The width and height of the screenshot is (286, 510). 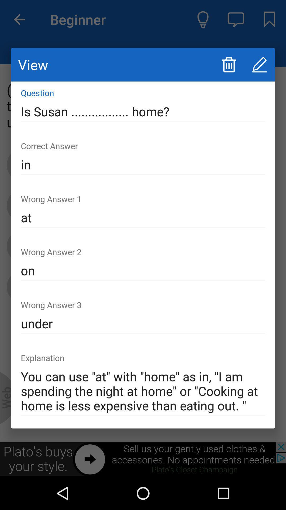 What do you see at coordinates (229, 64) in the screenshot?
I see `delete` at bounding box center [229, 64].